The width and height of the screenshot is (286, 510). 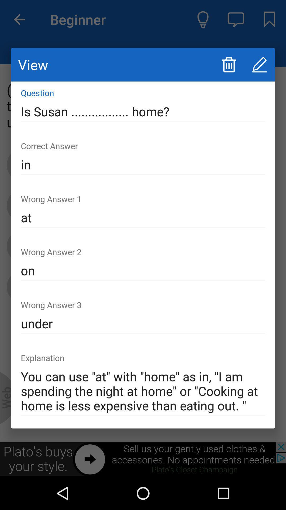 What do you see at coordinates (229, 64) in the screenshot?
I see `delete` at bounding box center [229, 64].